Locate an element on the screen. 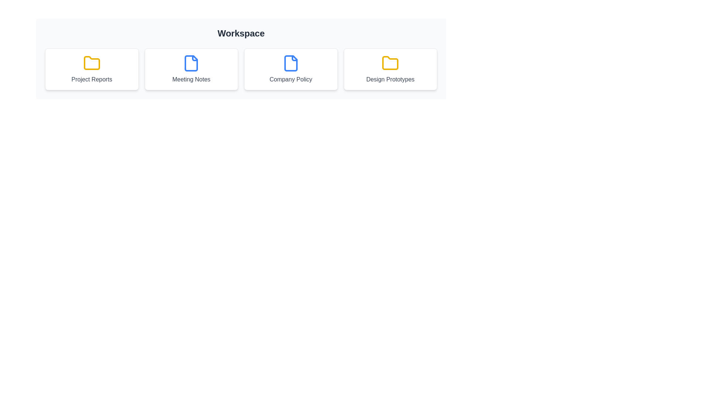 Image resolution: width=709 pixels, height=398 pixels. the yellow folder-shaped icon representing a file folder located in the 'Project Reports' section, to the left of 'Meeting Notes' is located at coordinates (91, 62).